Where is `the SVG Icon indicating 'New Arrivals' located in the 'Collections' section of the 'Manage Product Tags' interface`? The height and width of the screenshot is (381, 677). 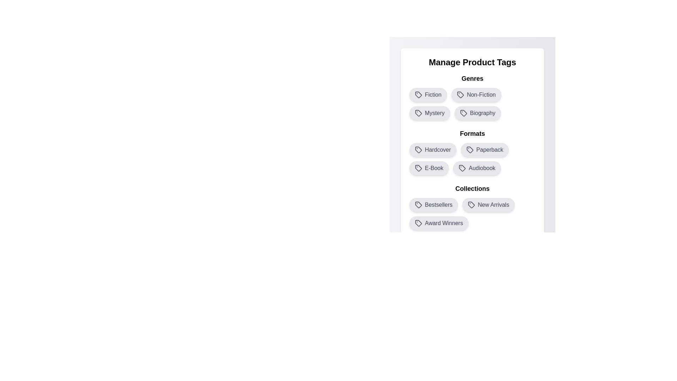
the SVG Icon indicating 'New Arrivals' located in the 'Collections' section of the 'Manage Product Tags' interface is located at coordinates (471, 205).